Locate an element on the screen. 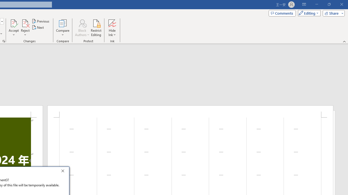 This screenshot has width=348, height=195. 'Block Authors' is located at coordinates (82, 23).